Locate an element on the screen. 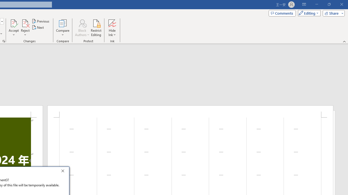 This screenshot has width=348, height=195. 'Block Authors' is located at coordinates (82, 23).